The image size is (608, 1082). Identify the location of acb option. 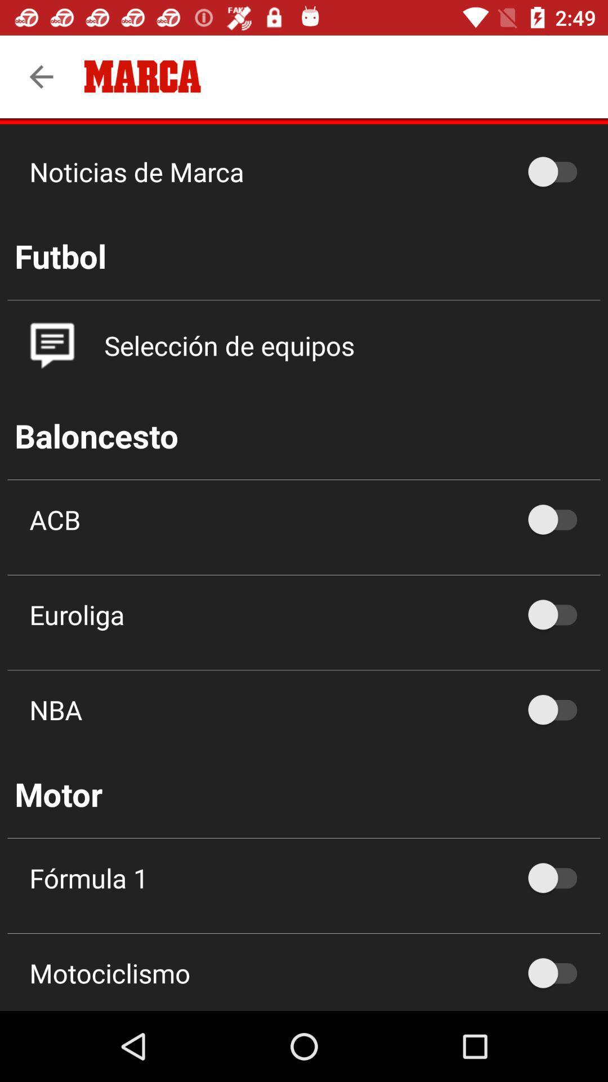
(558, 519).